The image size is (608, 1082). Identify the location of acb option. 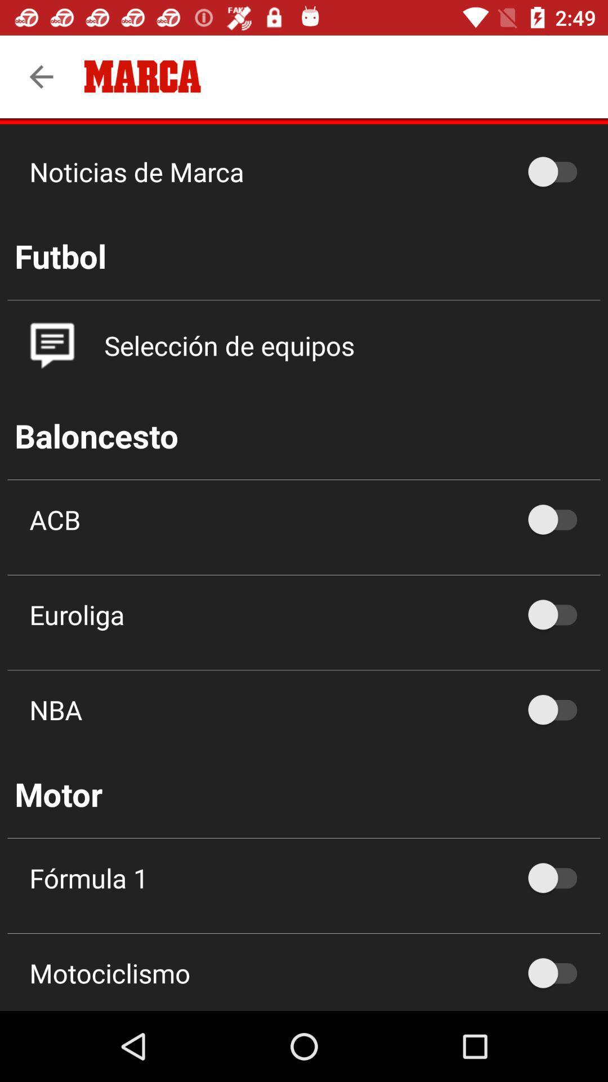
(558, 519).